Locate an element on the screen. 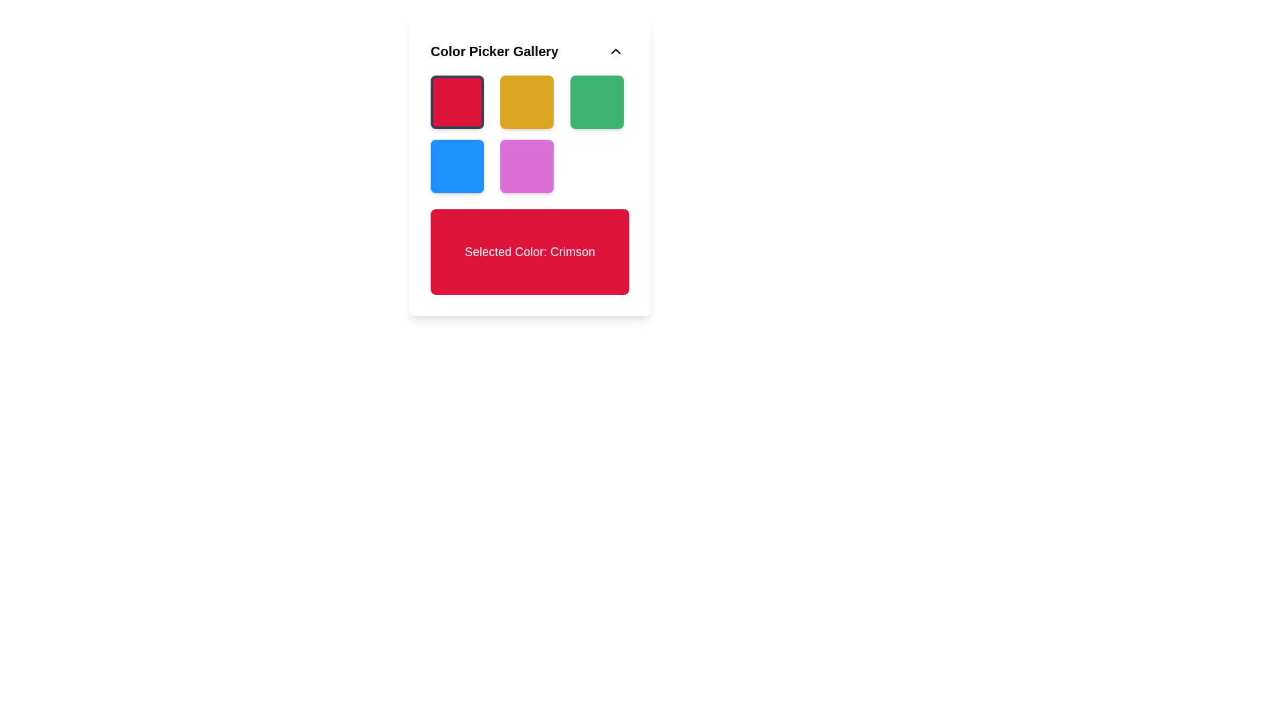 This screenshot has height=722, width=1284. the blue button with rounded corners labeled DodgerBlue to observe the hover animation is located at coordinates (457, 166).